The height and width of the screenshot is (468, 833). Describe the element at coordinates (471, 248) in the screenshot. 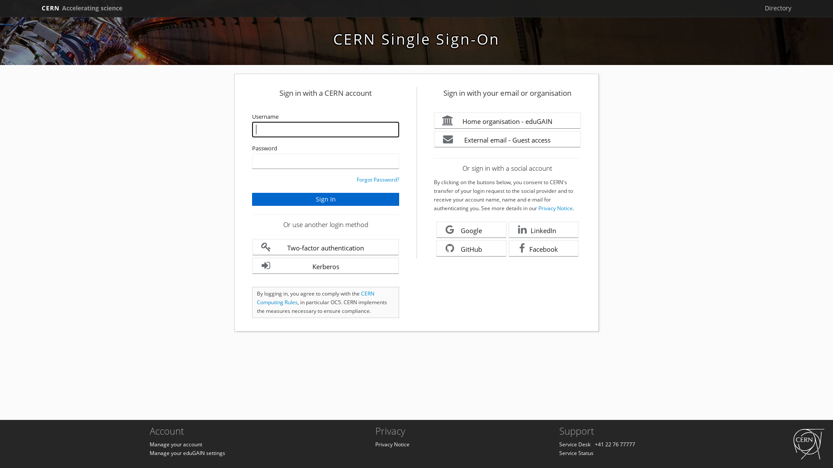

I see `'GitHub'` at that location.